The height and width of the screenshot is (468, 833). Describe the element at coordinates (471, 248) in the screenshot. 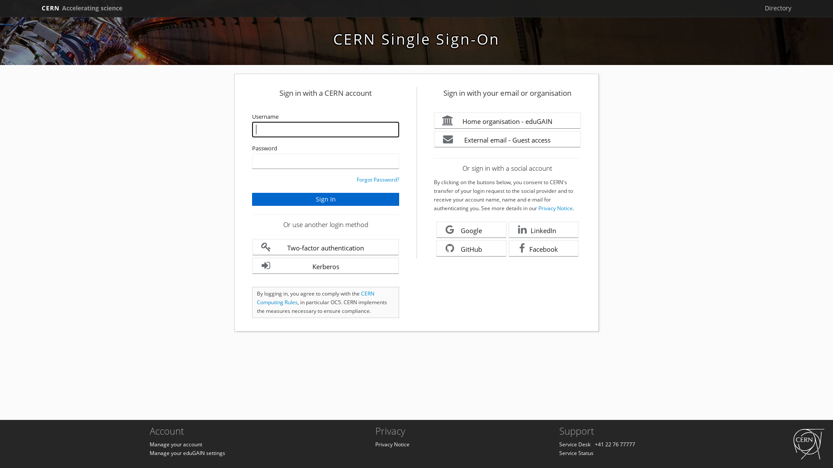

I see `'GitHub'` at that location.